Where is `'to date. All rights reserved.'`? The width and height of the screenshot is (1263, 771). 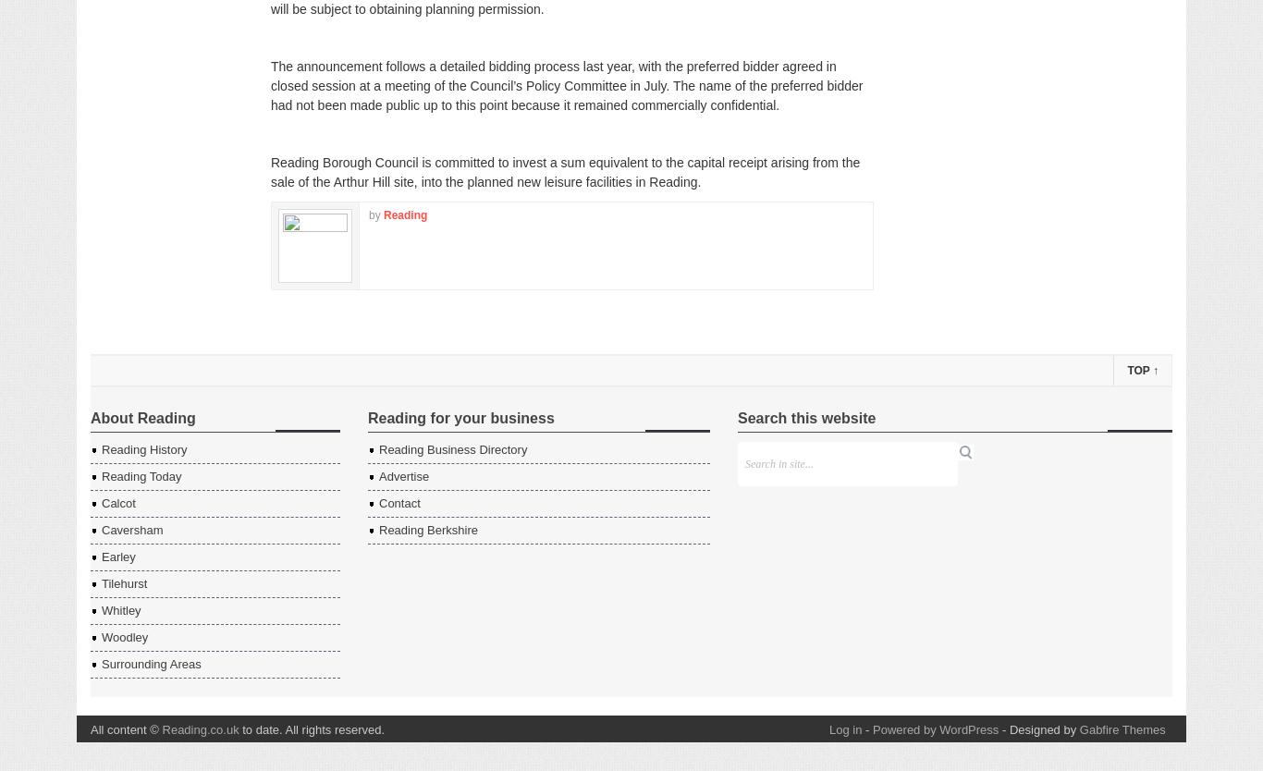 'to date. All rights reserved.' is located at coordinates (239, 728).